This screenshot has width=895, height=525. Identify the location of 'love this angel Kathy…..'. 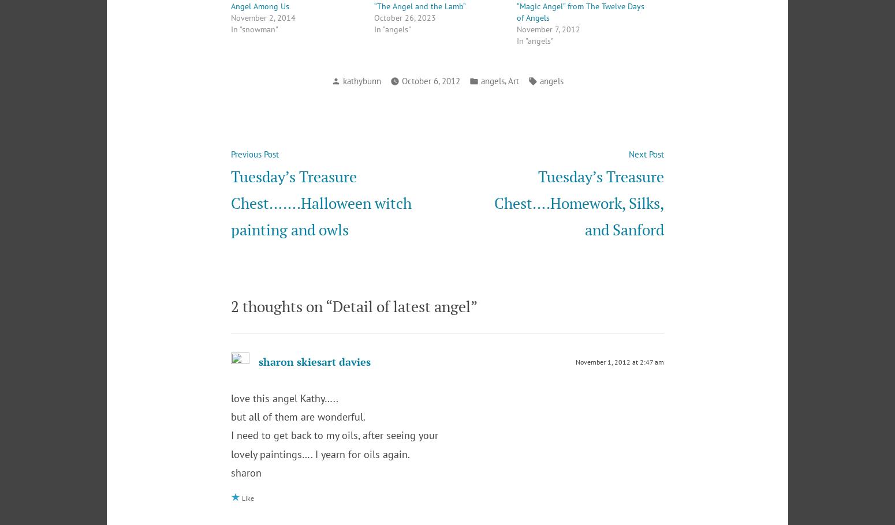
(284, 398).